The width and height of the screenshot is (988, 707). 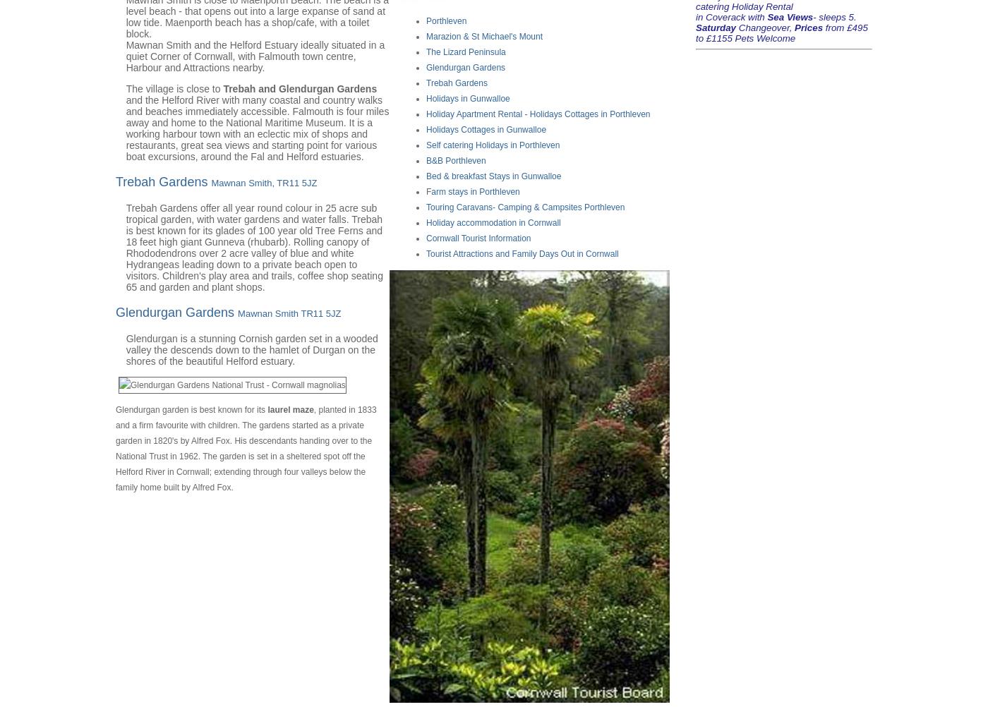 What do you see at coordinates (486, 128) in the screenshot?
I see `'Holidays 
                      Cottages in Gunwalloe'` at bounding box center [486, 128].